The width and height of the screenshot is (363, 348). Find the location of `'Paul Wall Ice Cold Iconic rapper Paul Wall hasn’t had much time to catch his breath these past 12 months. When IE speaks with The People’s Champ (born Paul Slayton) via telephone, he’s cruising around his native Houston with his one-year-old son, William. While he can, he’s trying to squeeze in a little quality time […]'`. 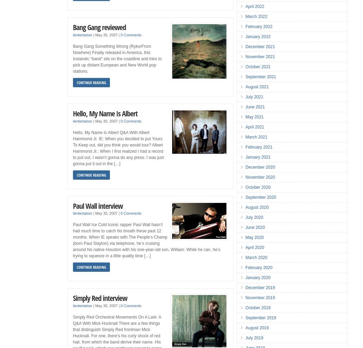

'Paul Wall Ice Cold Iconic rapper Paul Wall hasn’t had much time to catch his breath these past 12 months. When IE speaks with The People’s Champ (born Paul Slayton) via telephone, he’s cruising around his native Houston with his one-year-old son, William. While he can, he’s trying to squeeze in a little quality time […]' is located at coordinates (146, 240).